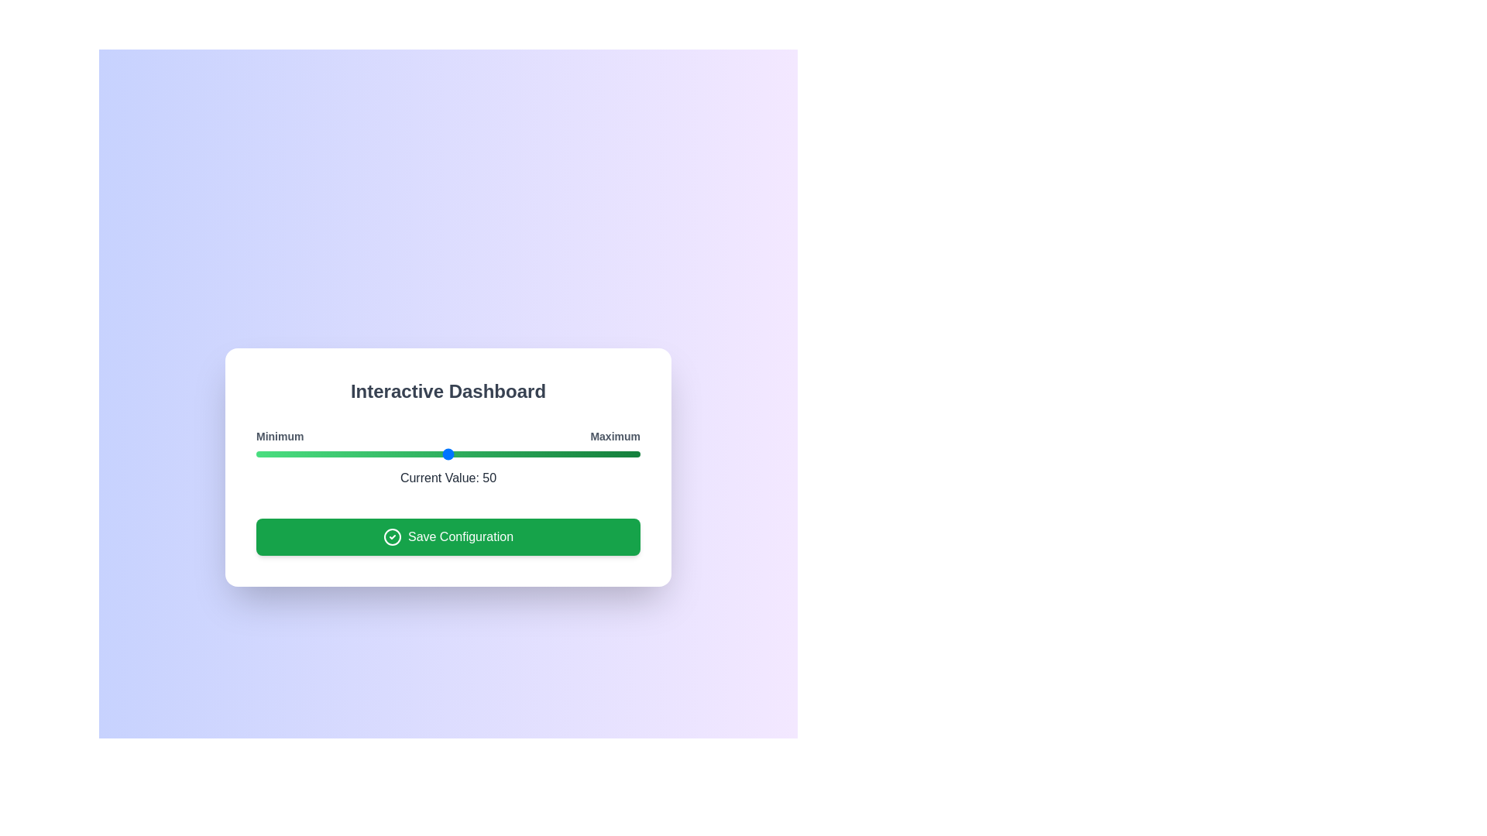  What do you see at coordinates (562, 453) in the screenshot?
I see `the slider to set the value to 80` at bounding box center [562, 453].